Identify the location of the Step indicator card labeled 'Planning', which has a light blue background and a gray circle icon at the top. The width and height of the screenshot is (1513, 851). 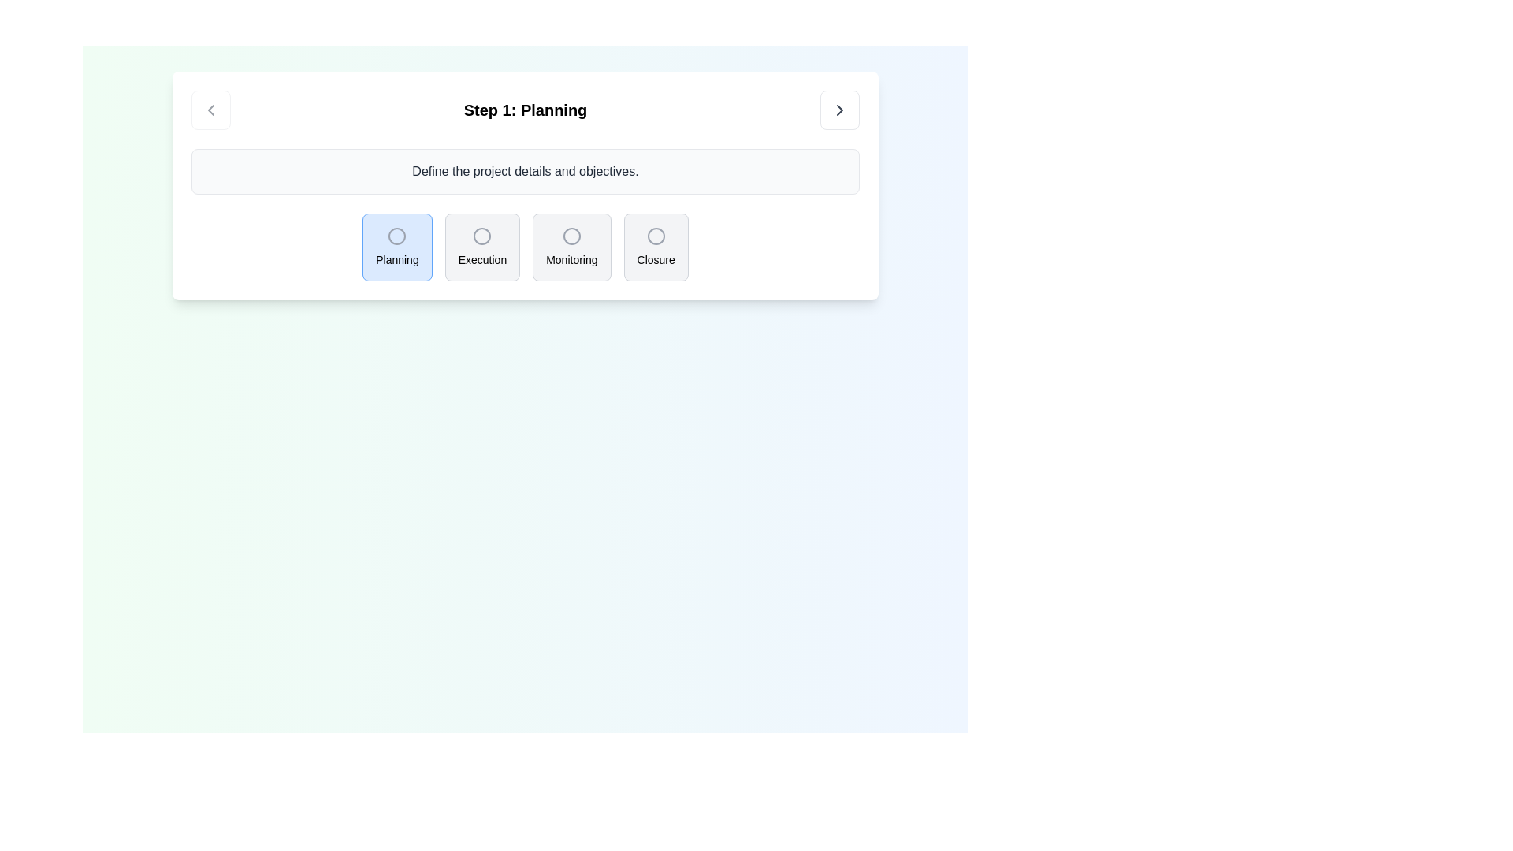
(397, 247).